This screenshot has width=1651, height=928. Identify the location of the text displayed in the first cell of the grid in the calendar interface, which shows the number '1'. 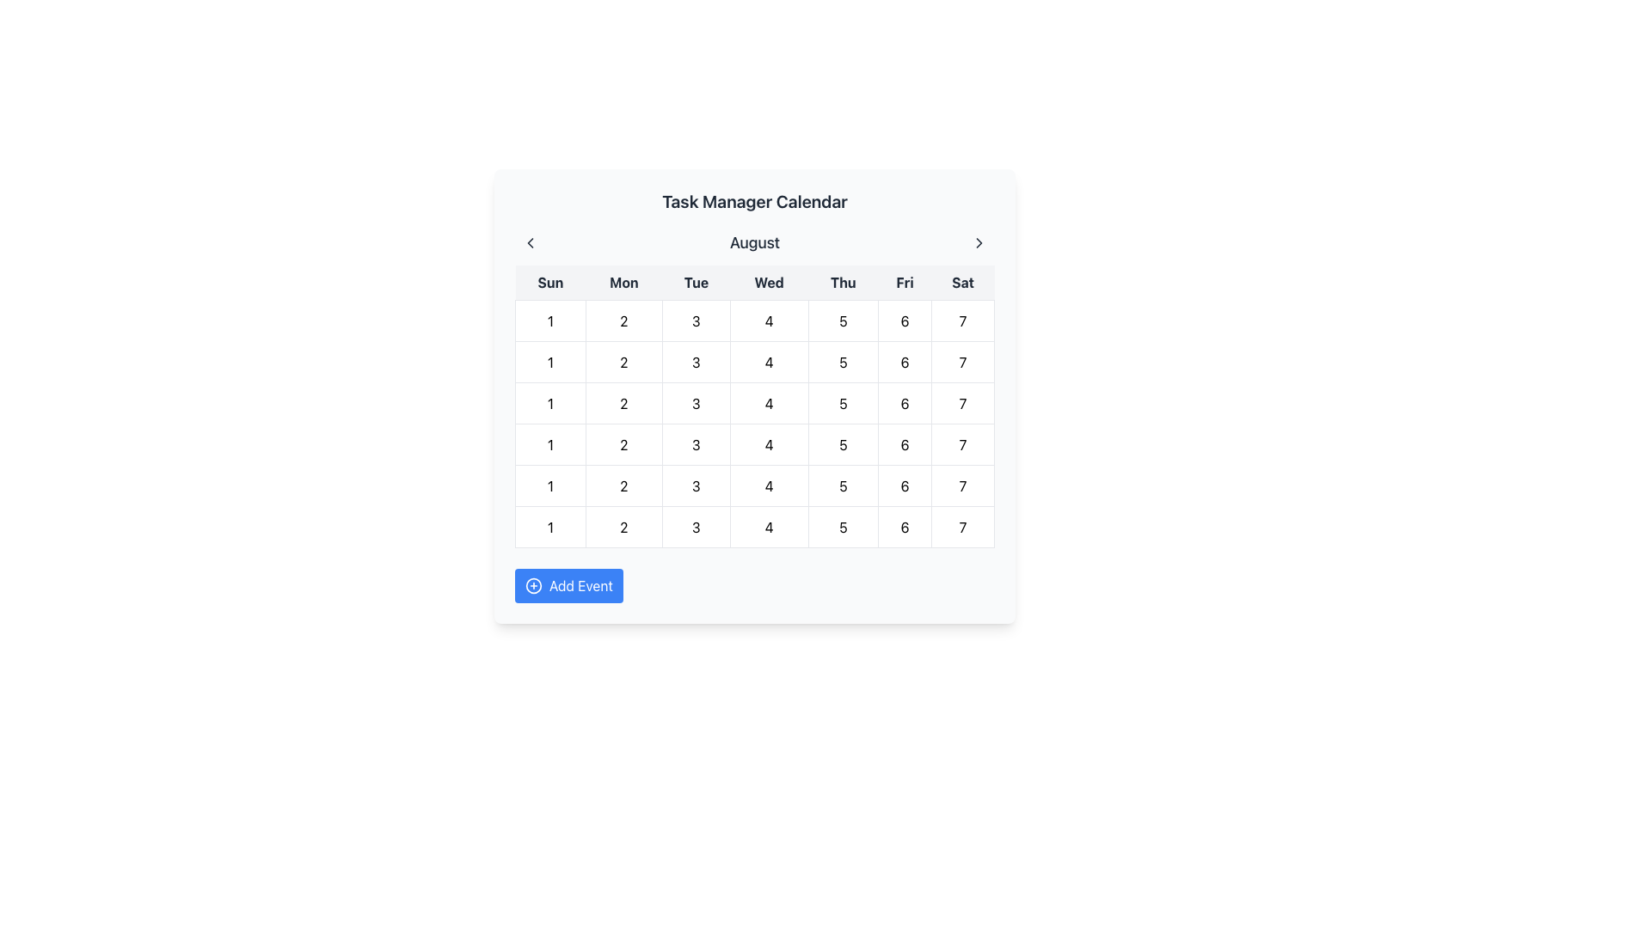
(550, 443).